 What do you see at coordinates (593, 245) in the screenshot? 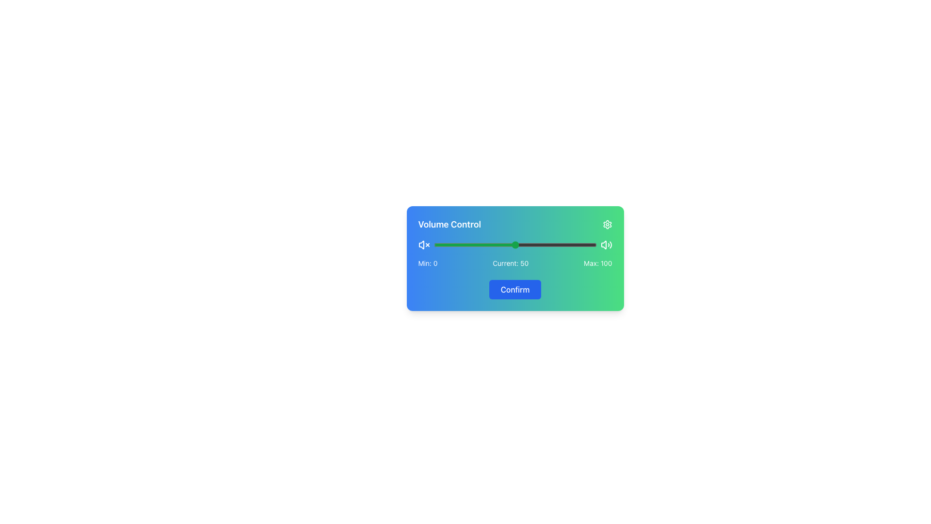
I see `the volume slider` at bounding box center [593, 245].